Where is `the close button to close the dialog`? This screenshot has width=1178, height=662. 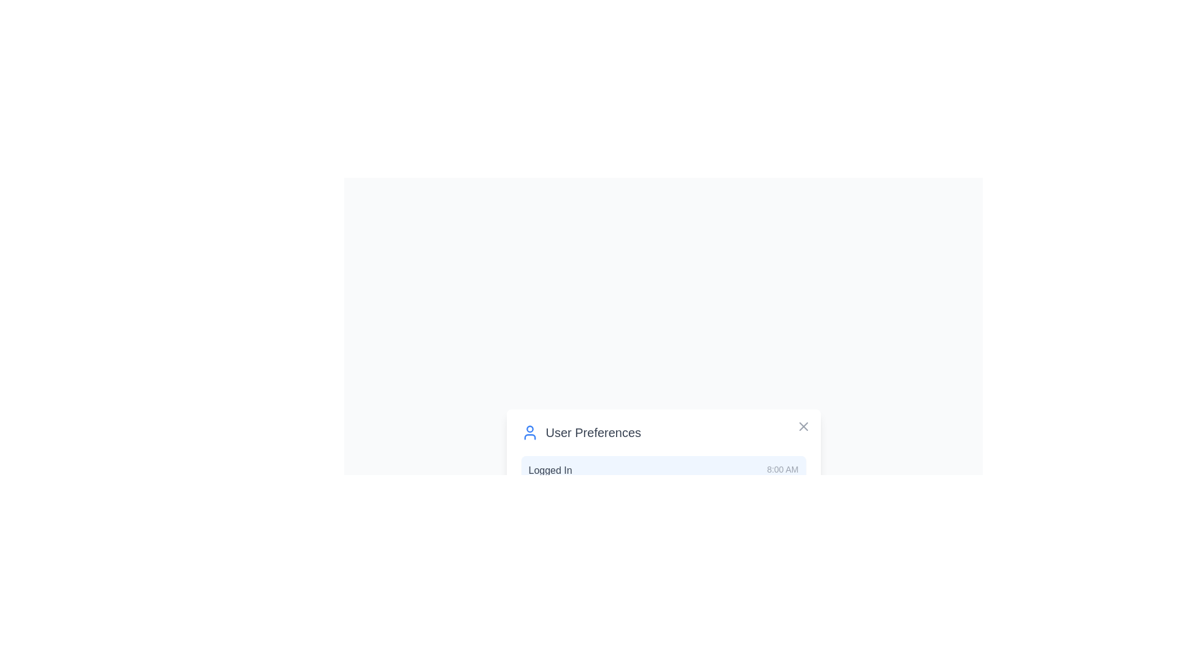
the close button to close the dialog is located at coordinates (803, 425).